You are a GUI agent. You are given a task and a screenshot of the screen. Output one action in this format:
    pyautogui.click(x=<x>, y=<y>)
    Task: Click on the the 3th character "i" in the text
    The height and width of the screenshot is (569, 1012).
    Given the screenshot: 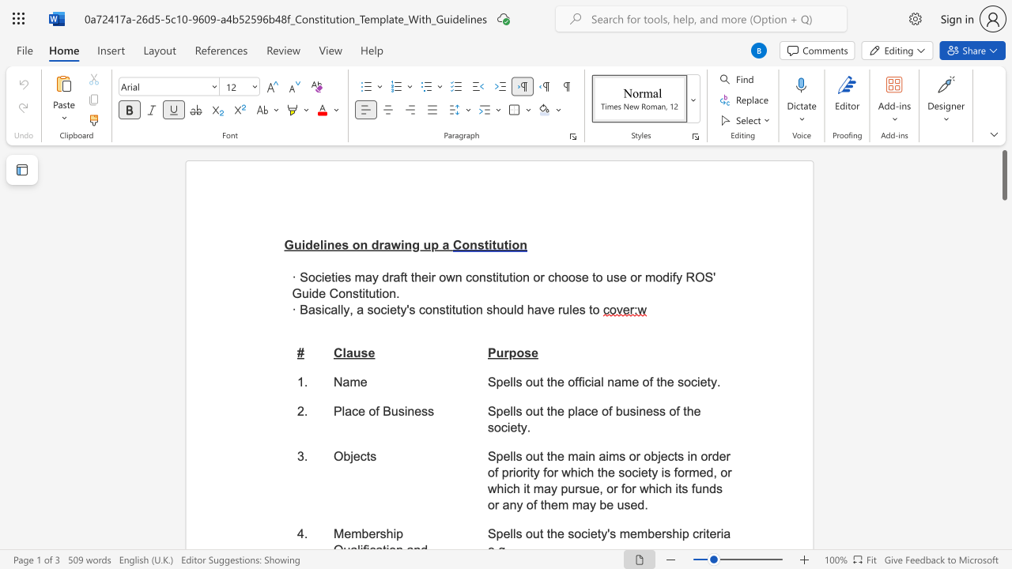 What is the action you would take?
    pyautogui.click(x=466, y=310)
    